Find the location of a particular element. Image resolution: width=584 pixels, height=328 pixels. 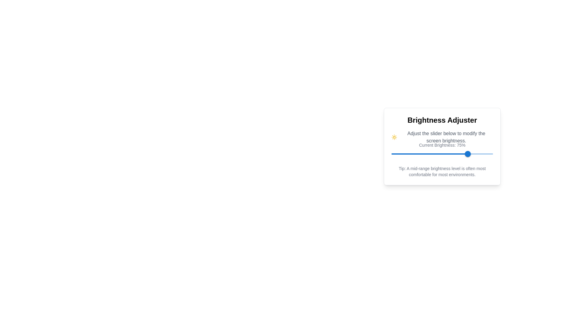

brightness is located at coordinates (464, 153).